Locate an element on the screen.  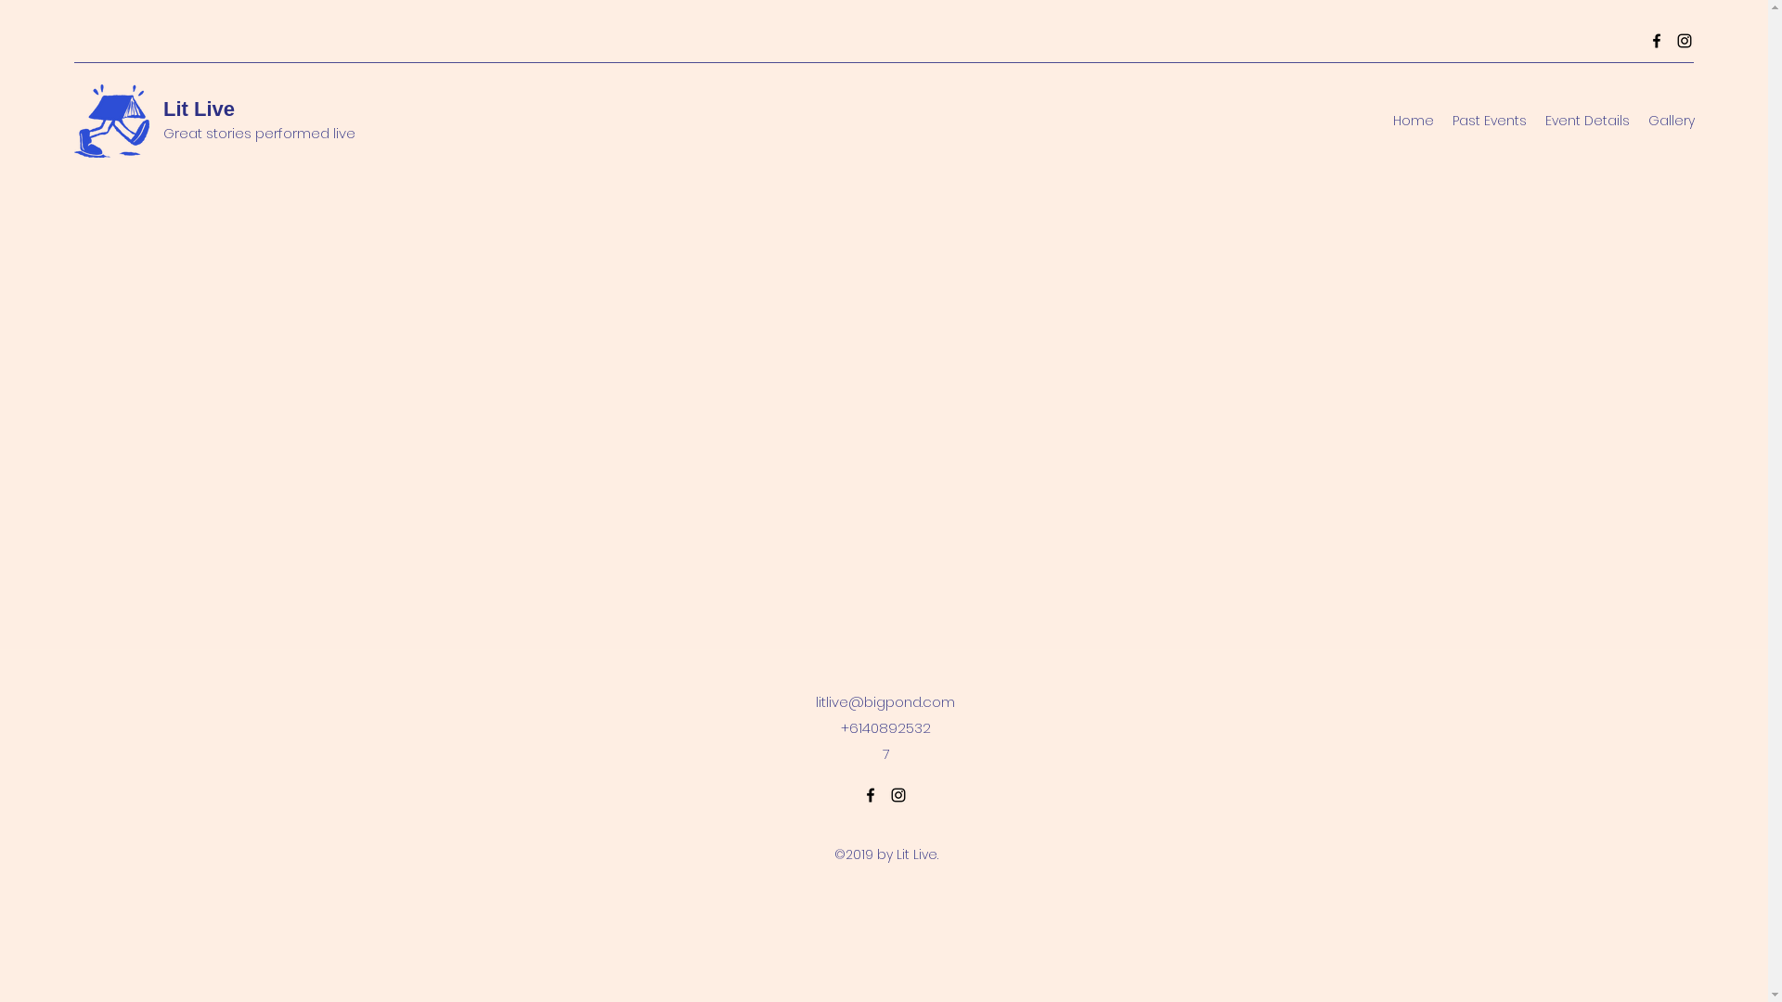
'Past Events' is located at coordinates (1442, 121).